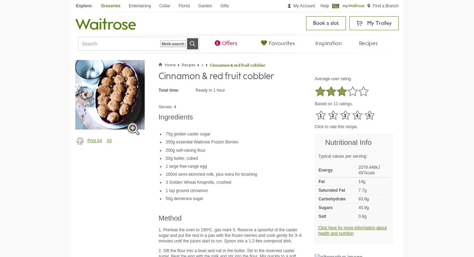 This screenshot has height=257, width=474. Describe the element at coordinates (177, 19) in the screenshot. I see `'Waitrose'` at that location.